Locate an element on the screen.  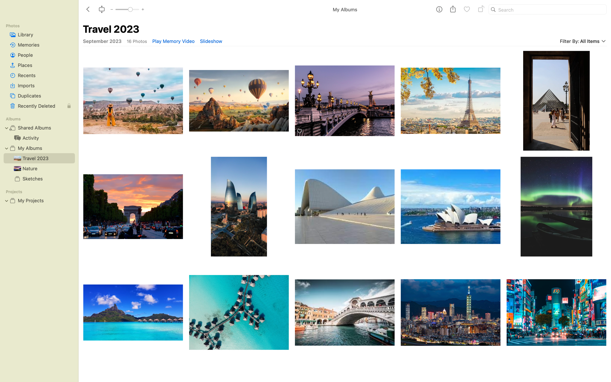
Rotate picture of arc de triomphe thrice is located at coordinates (132, 207).